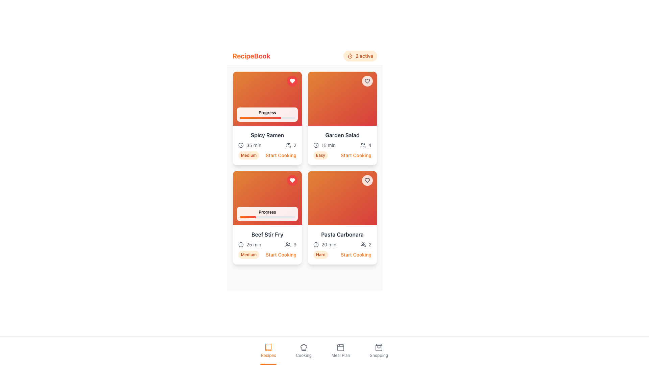  Describe the element at coordinates (268, 355) in the screenshot. I see `the text label displaying 'Recipes' in orange color, positioned below a book icon in the navigation bar` at that location.